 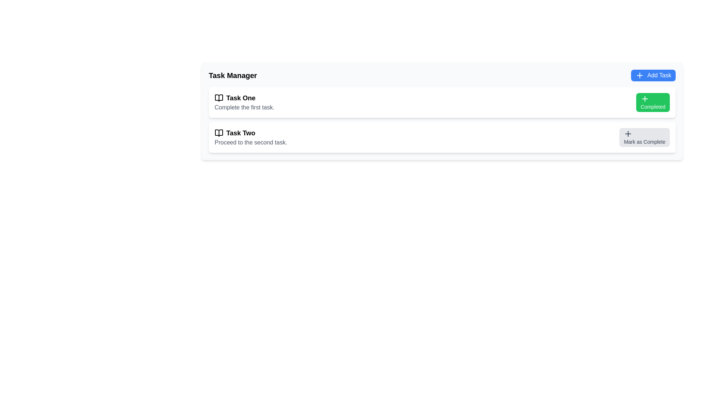 What do you see at coordinates (653, 76) in the screenshot?
I see `the button that allows users to add a new task to the list in the interface, located at the far-right end of the 'Task Manager' header section` at bounding box center [653, 76].